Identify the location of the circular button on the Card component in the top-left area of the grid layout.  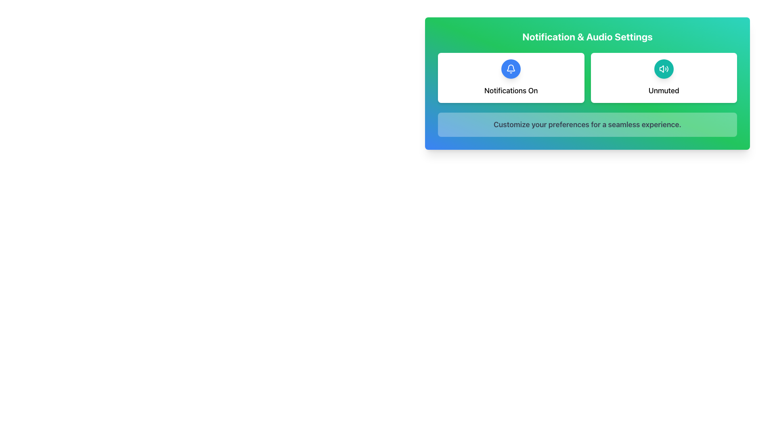
(511, 78).